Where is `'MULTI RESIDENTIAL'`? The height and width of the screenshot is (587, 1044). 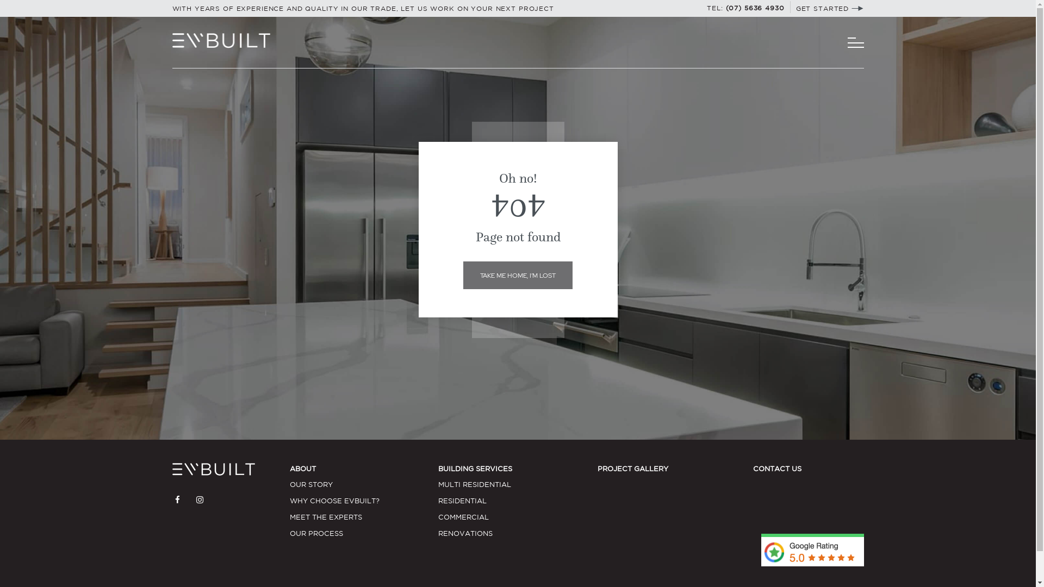
'MULTI RESIDENTIAL' is located at coordinates (438, 484).